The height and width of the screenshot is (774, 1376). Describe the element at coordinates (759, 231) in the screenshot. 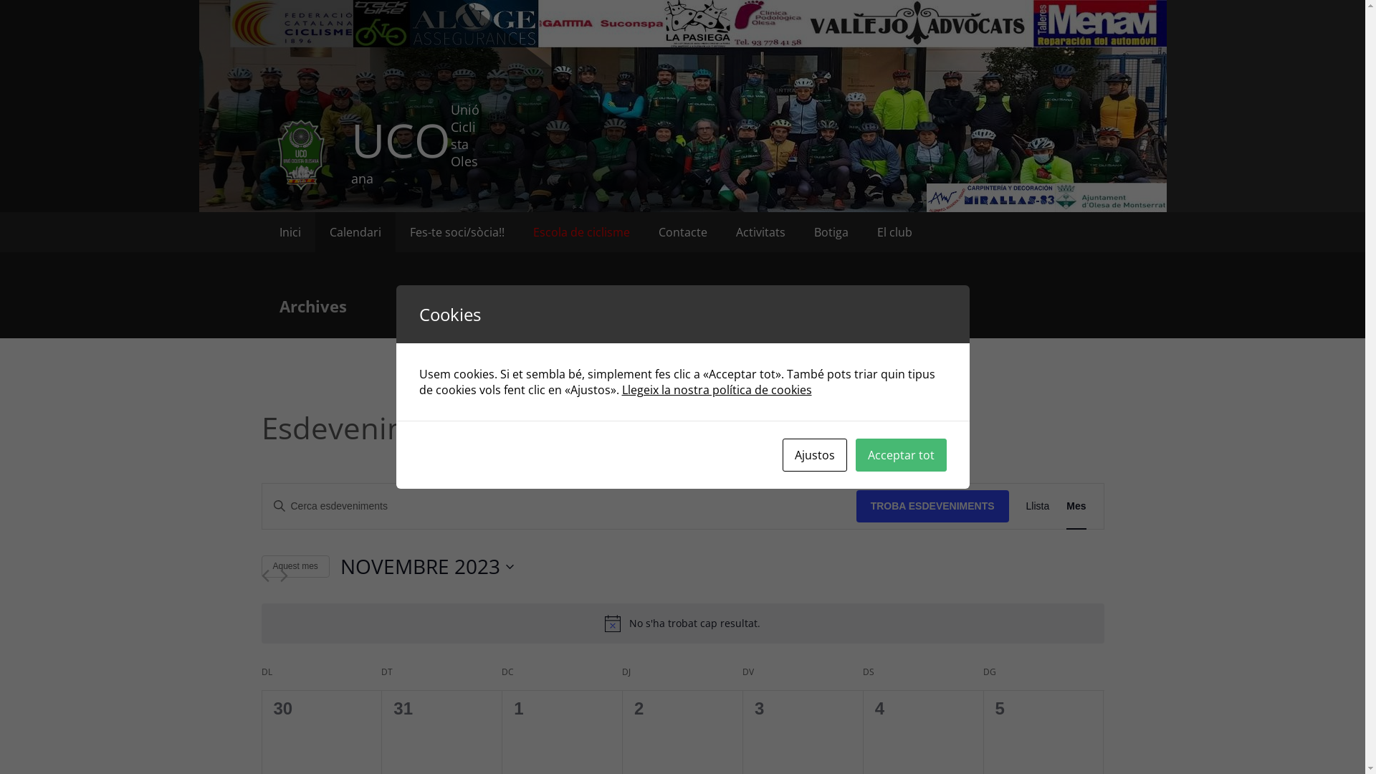

I see `'Activitats'` at that location.